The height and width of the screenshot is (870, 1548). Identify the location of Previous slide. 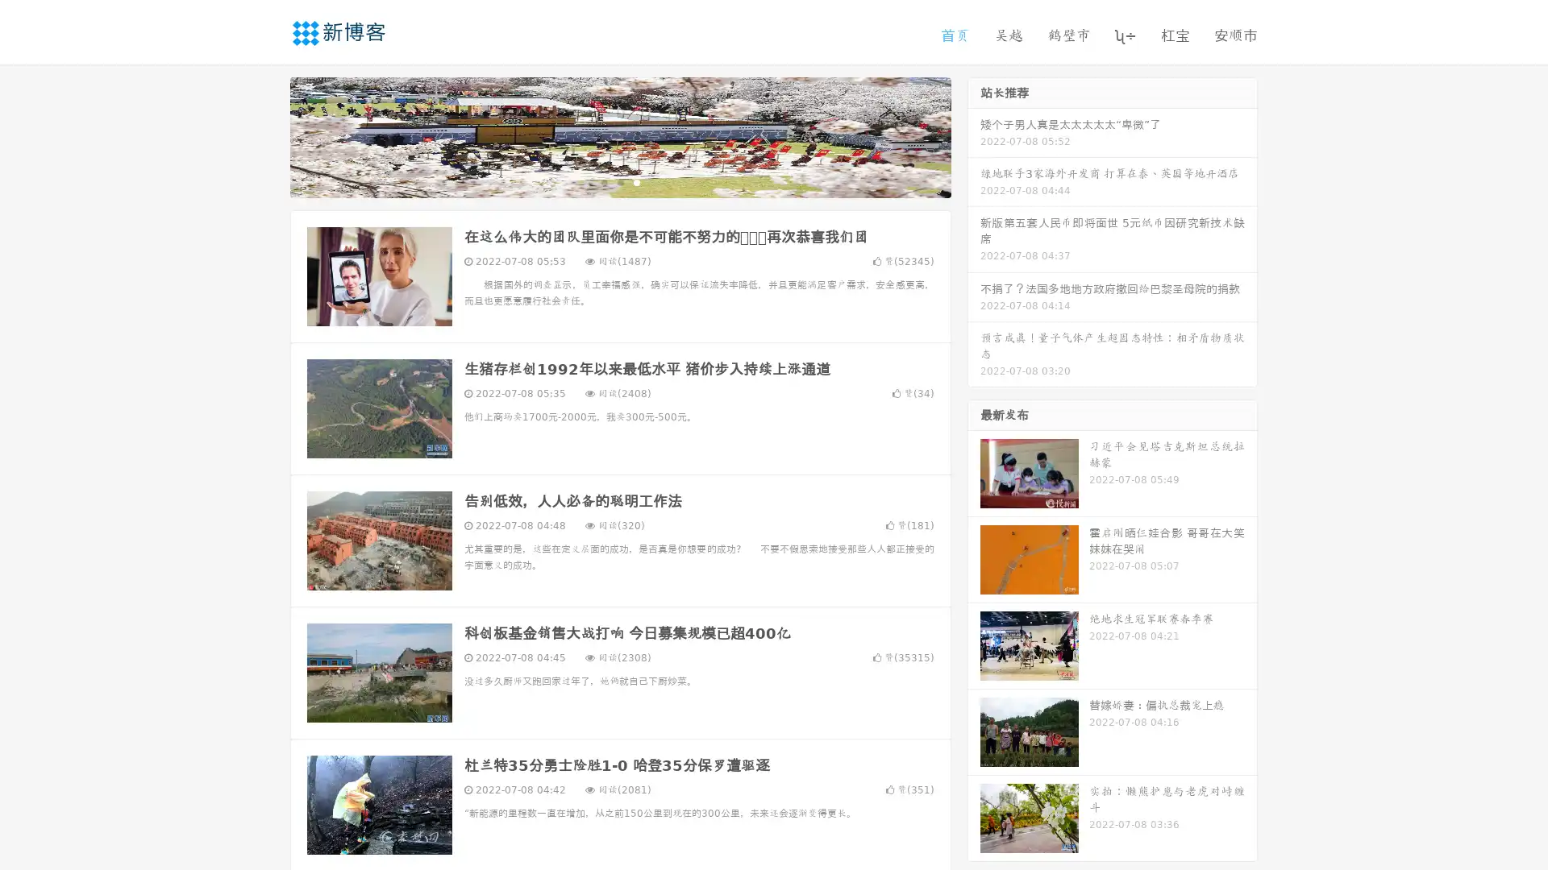
(266, 135).